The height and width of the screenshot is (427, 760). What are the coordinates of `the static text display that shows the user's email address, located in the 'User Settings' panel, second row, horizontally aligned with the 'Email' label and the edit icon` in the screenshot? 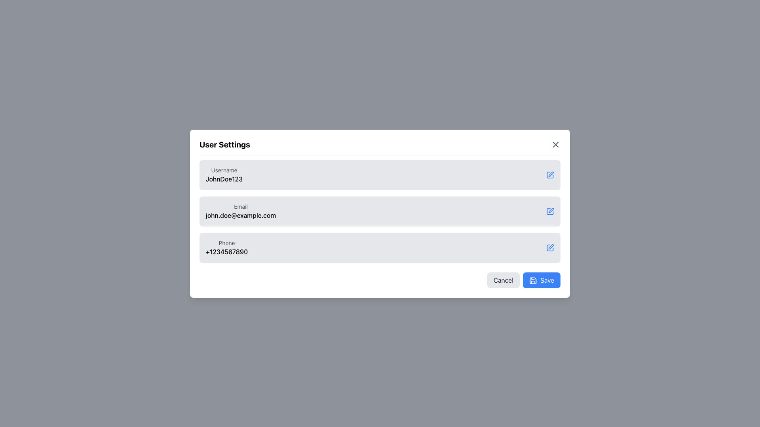 It's located at (240, 211).